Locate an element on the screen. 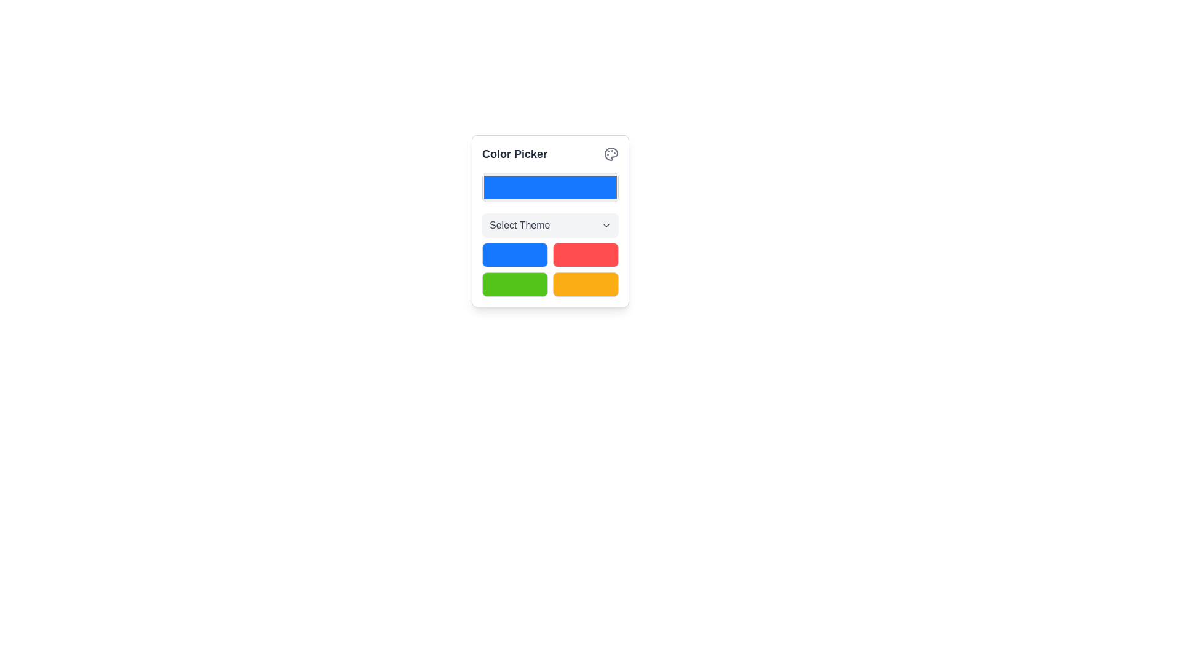 The image size is (1181, 664). the top-right button in the color-picking interface is located at coordinates (585, 255).